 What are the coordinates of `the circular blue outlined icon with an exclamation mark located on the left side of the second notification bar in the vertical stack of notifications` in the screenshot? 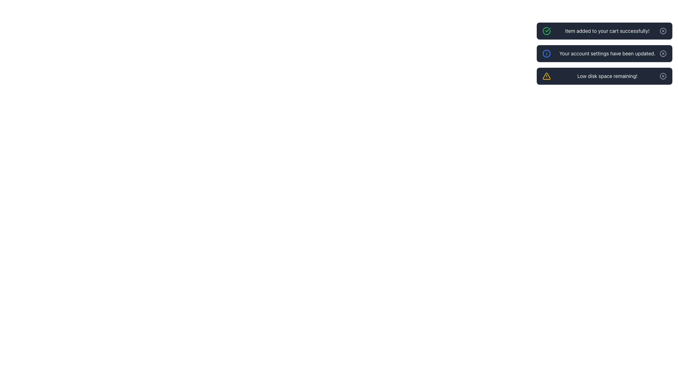 It's located at (546, 53).